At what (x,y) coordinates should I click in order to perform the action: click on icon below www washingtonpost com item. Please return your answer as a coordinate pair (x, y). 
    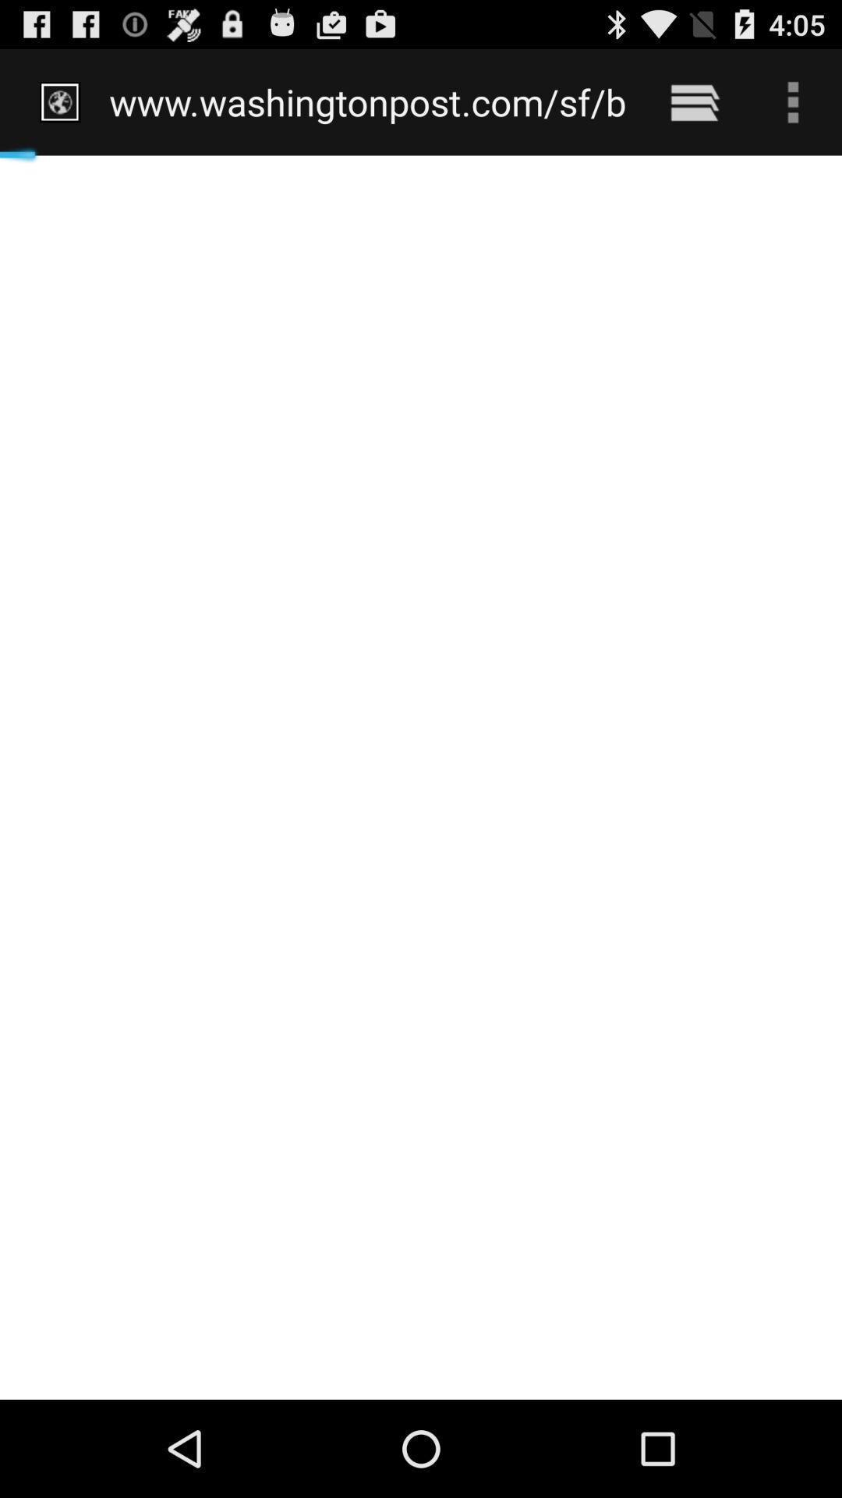
    Looking at the image, I should click on (421, 777).